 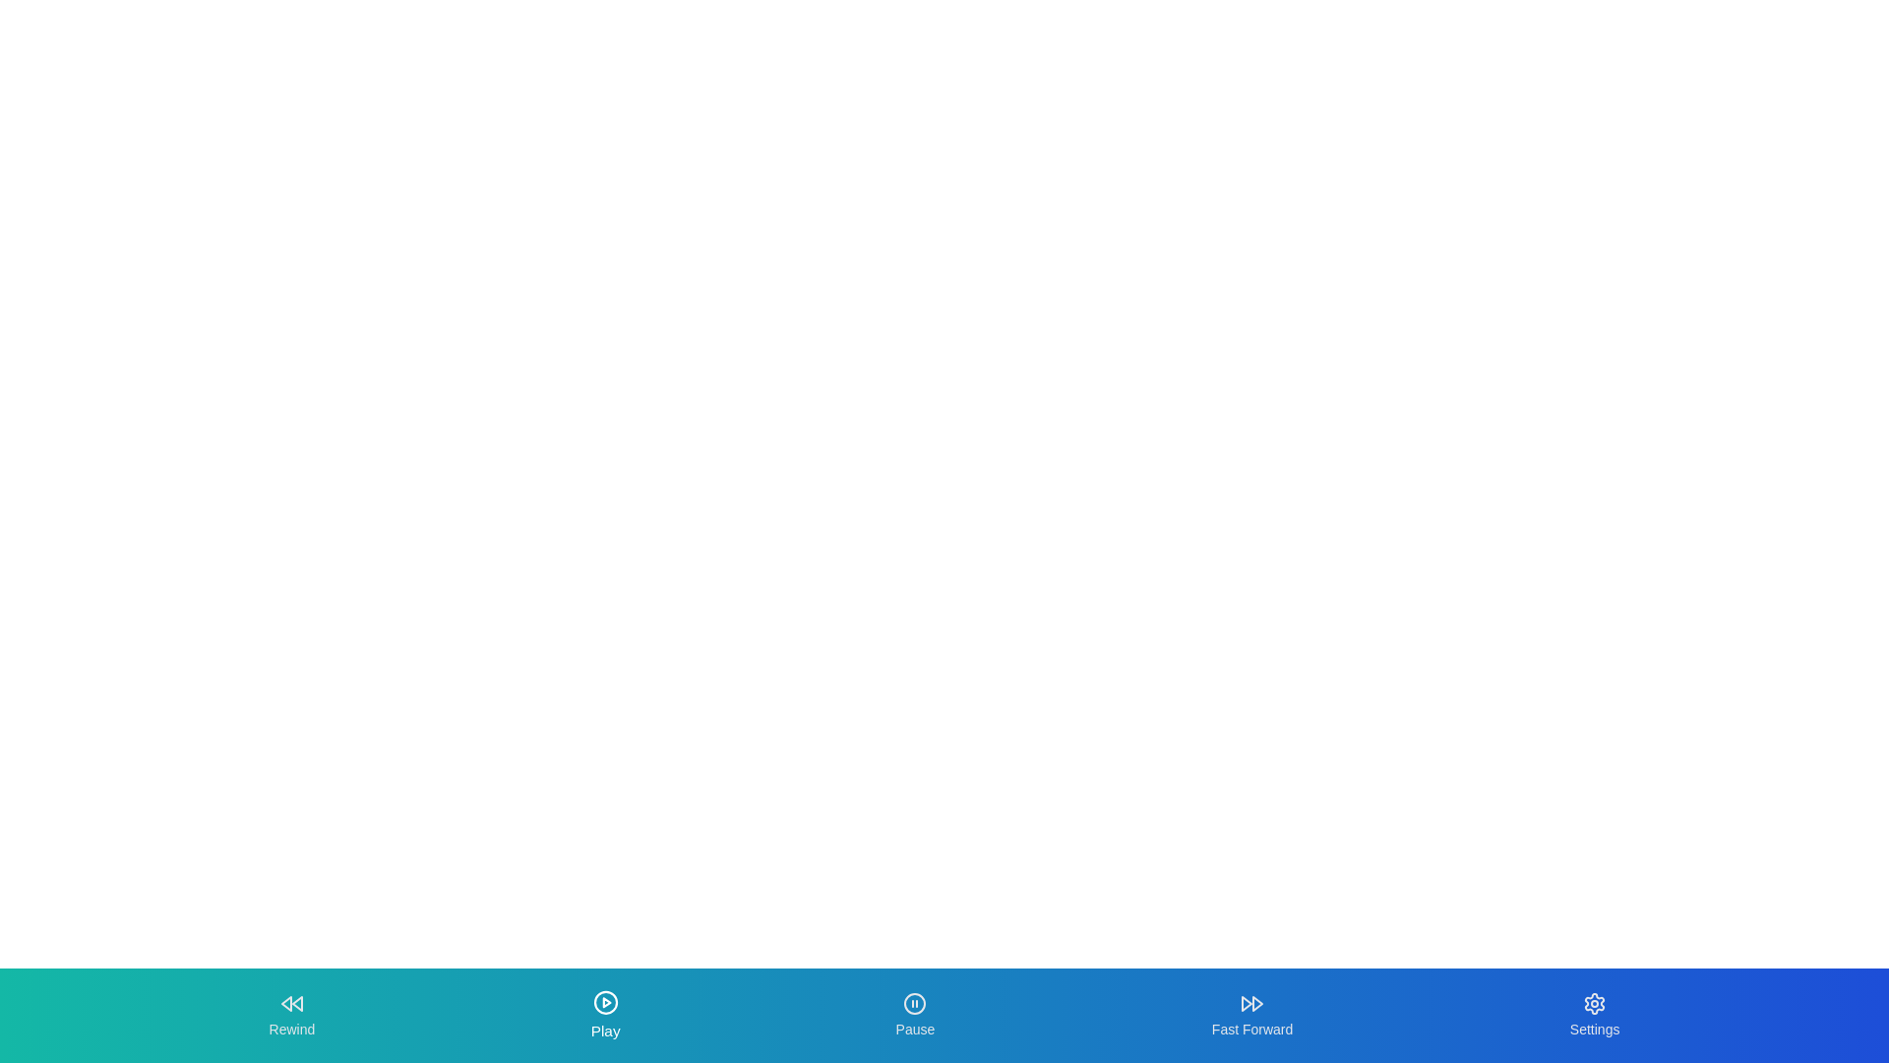 What do you see at coordinates (1595, 1016) in the screenshot?
I see `the Settings tab by clicking its button` at bounding box center [1595, 1016].